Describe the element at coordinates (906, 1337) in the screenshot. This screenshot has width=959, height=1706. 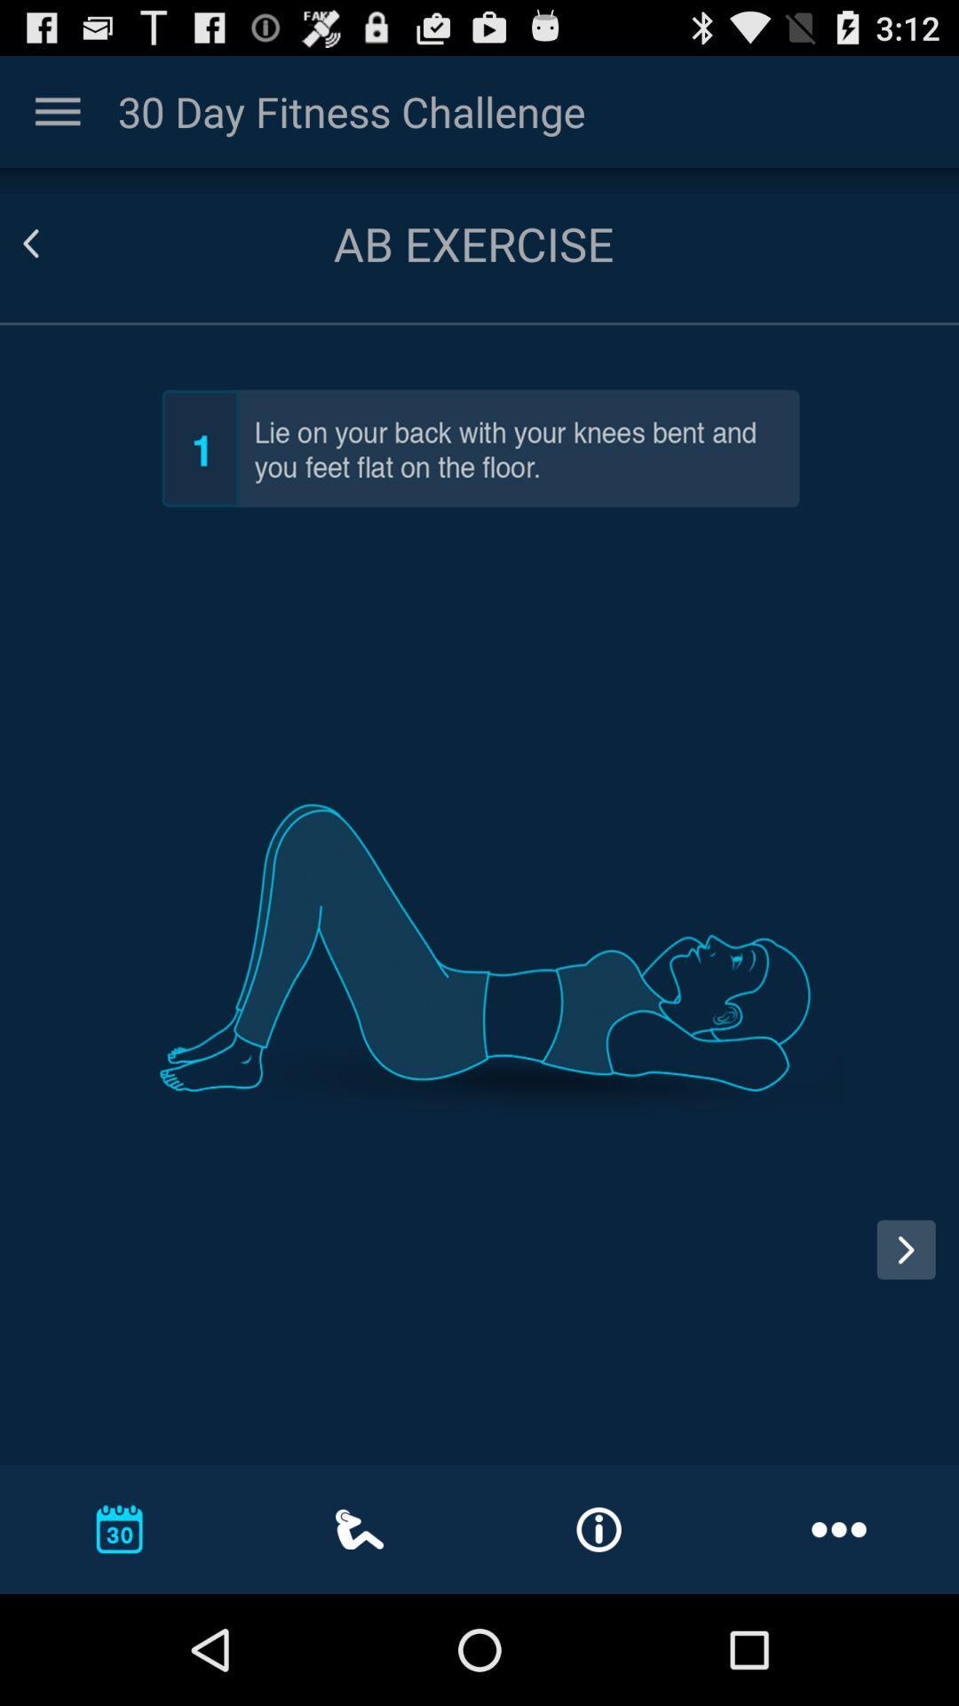
I see `the arrow_forward icon` at that location.